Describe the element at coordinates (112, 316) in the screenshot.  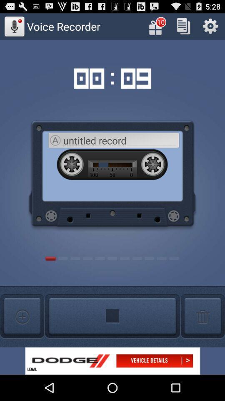
I see `shows record start option` at that location.